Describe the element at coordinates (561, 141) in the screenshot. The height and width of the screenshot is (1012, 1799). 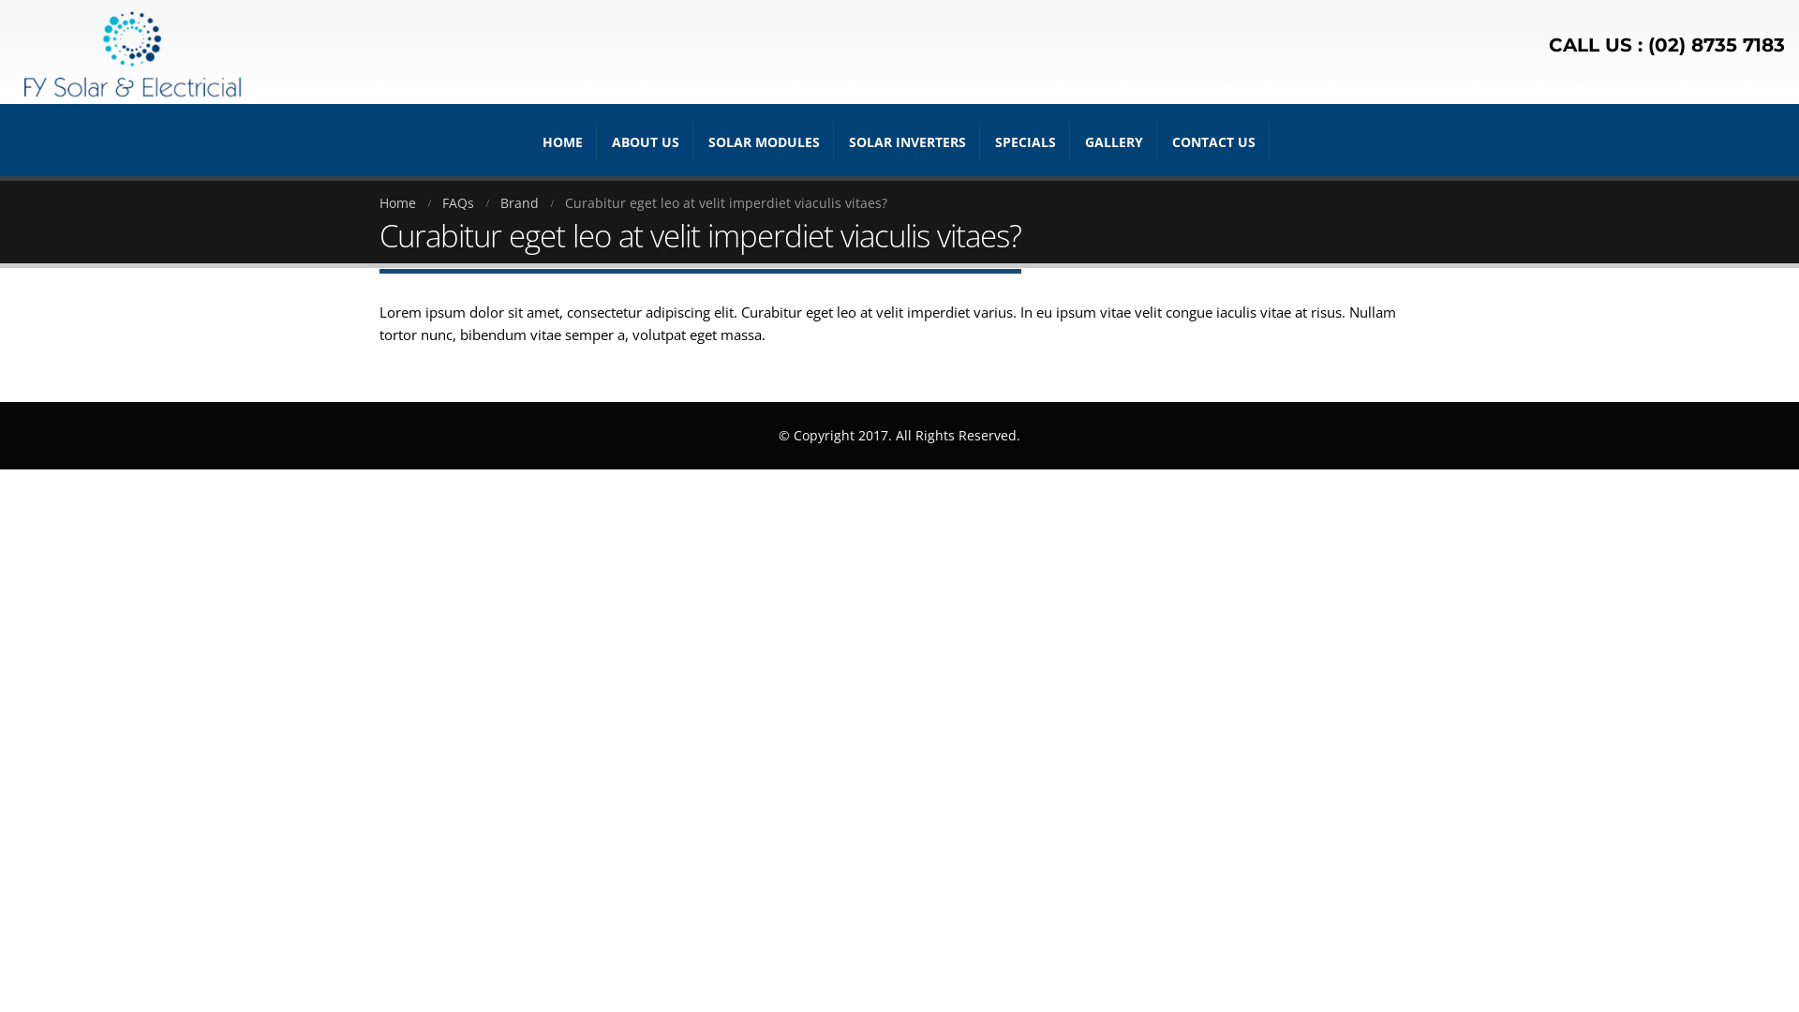
I see `'HOME'` at that location.